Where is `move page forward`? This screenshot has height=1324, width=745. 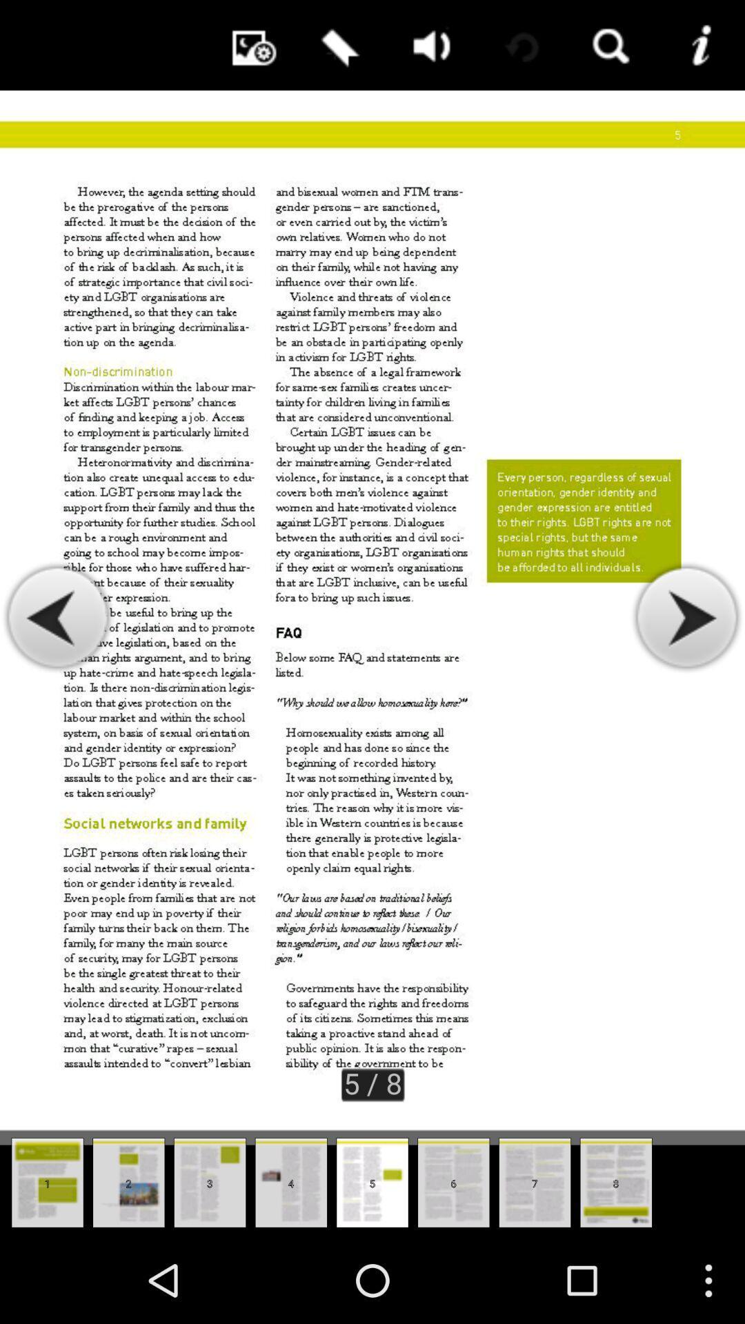 move page forward is located at coordinates (686, 617).